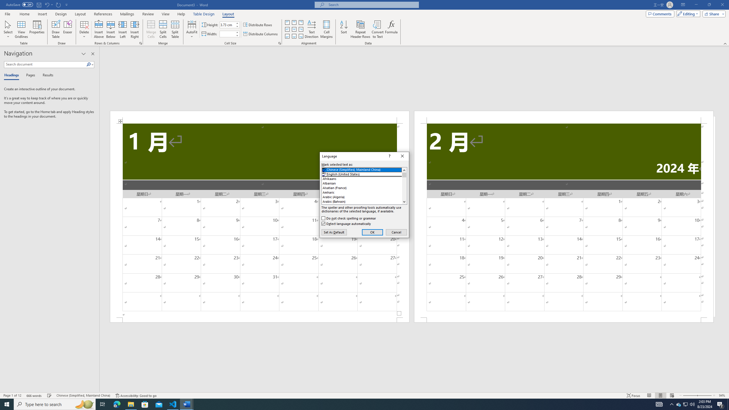  Describe the element at coordinates (294, 22) in the screenshot. I see `'Align Top Center'` at that location.